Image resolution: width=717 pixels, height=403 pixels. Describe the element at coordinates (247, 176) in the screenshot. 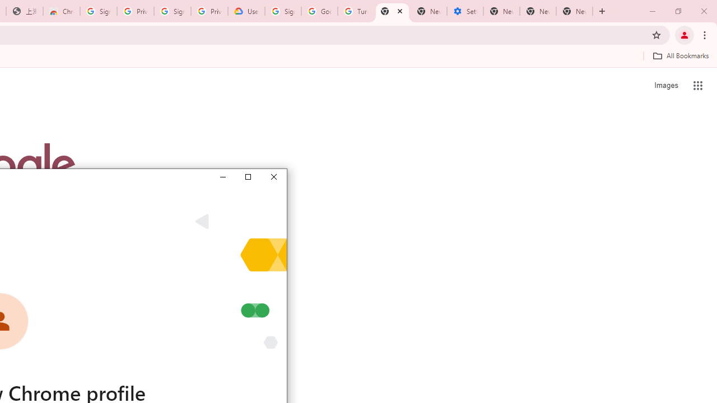

I see `'Maximize'` at that location.